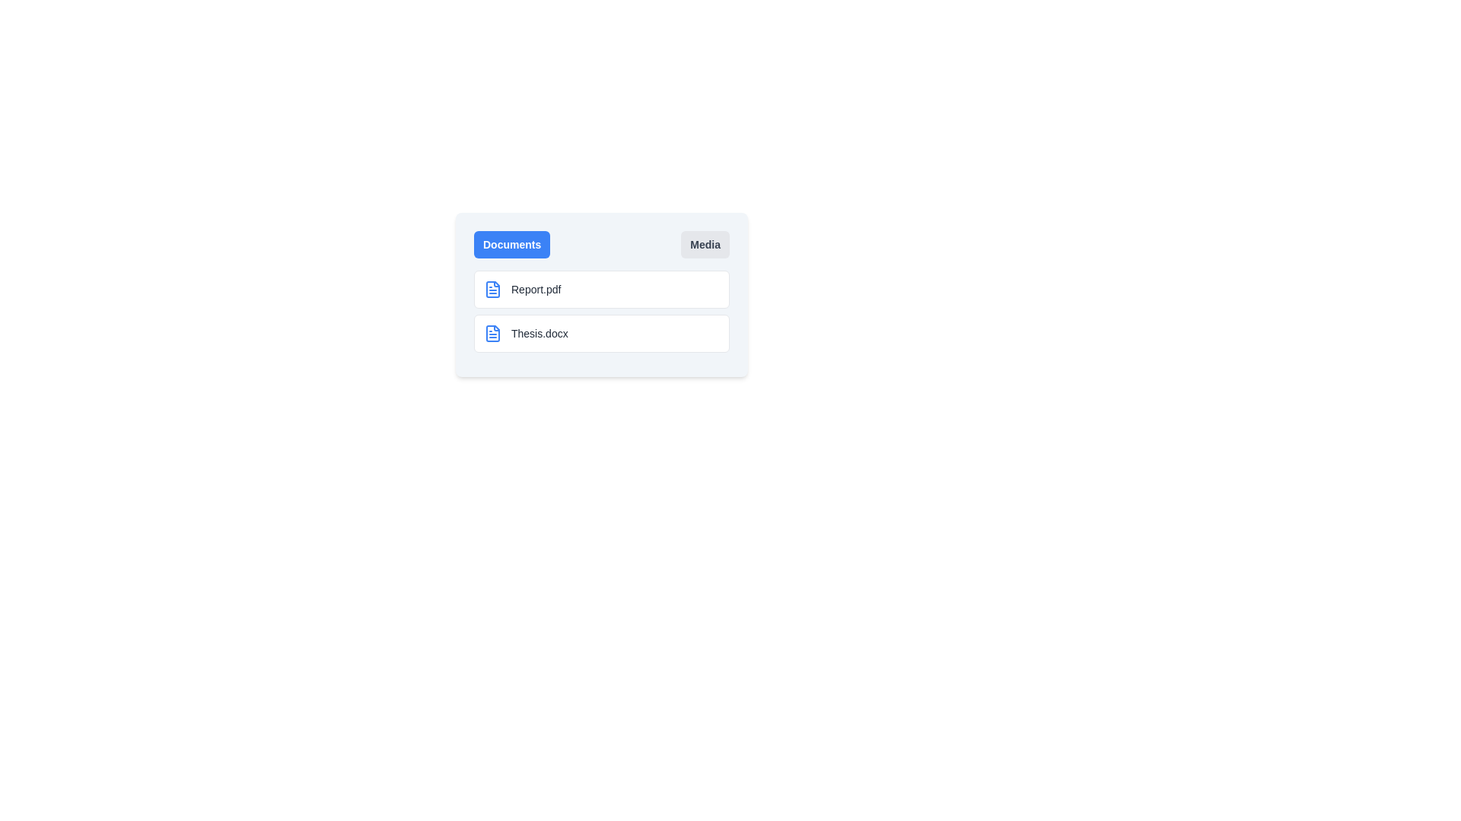 Image resolution: width=1461 pixels, height=821 pixels. I want to click on the 'Media' button, which is a rectangular button with a light gray background and rounded borders, positioned to the right of the 'Documents' button in a horizontal arrangement, so click(705, 243).